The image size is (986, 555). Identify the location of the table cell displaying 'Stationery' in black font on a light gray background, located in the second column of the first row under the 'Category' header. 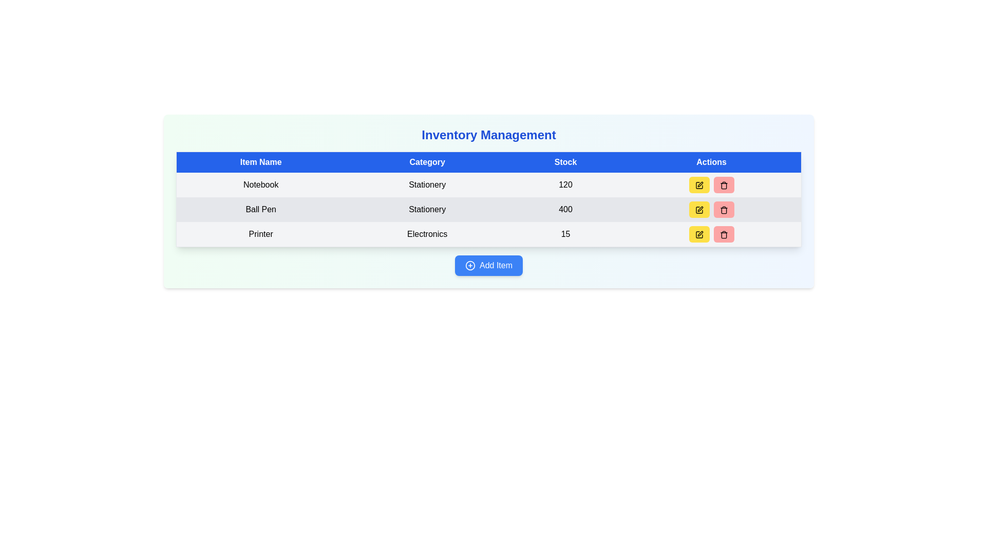
(427, 184).